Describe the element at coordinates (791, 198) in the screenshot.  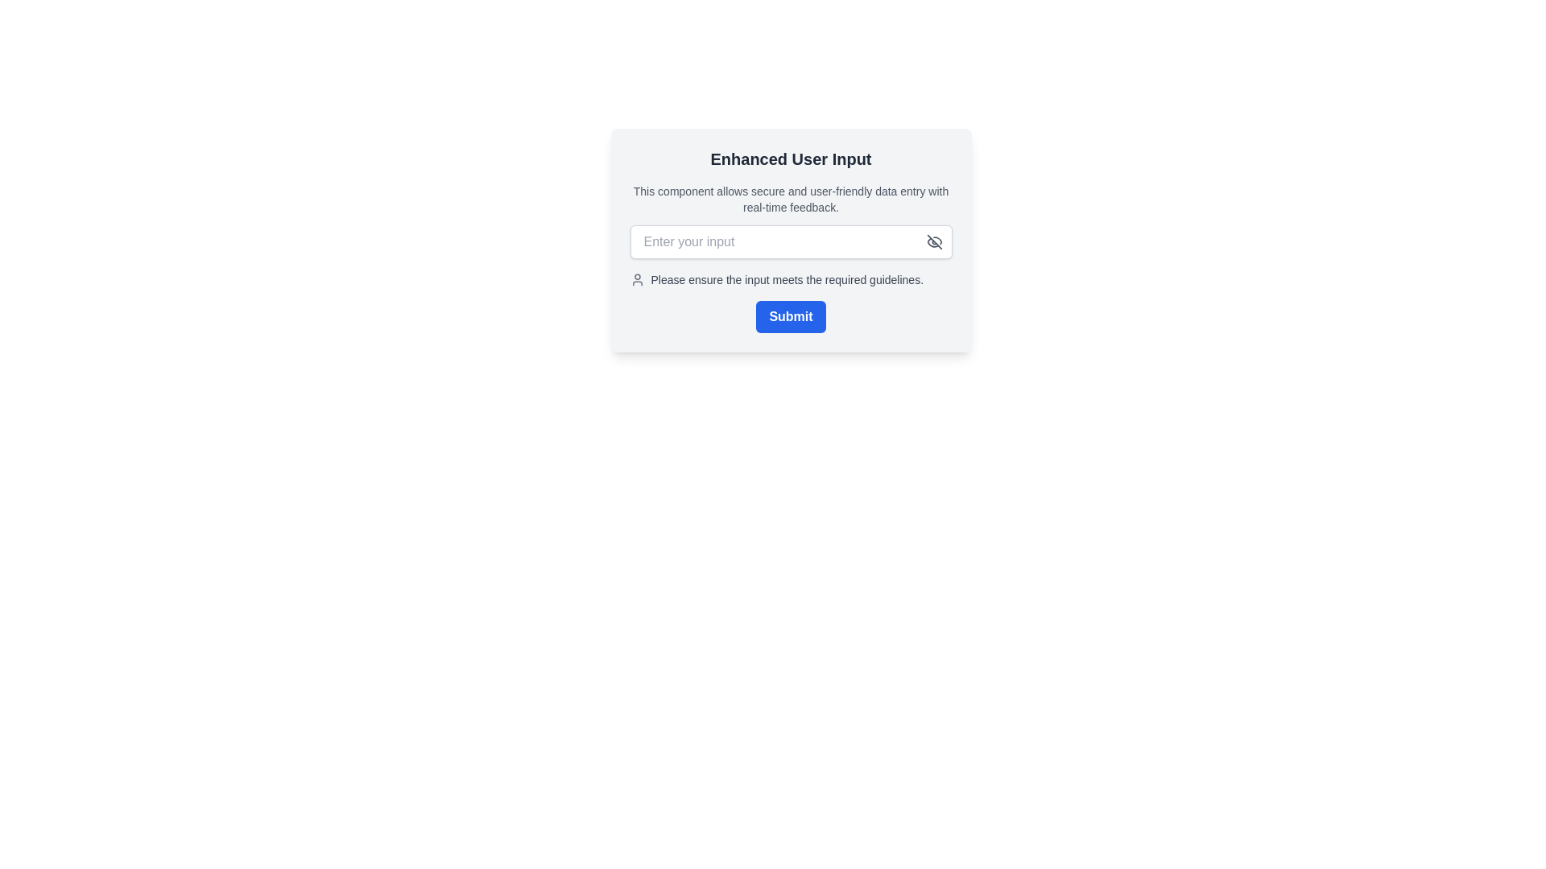
I see `the informational text element positioned below the heading 'Enhanced User Input' in the centered card layout` at that location.